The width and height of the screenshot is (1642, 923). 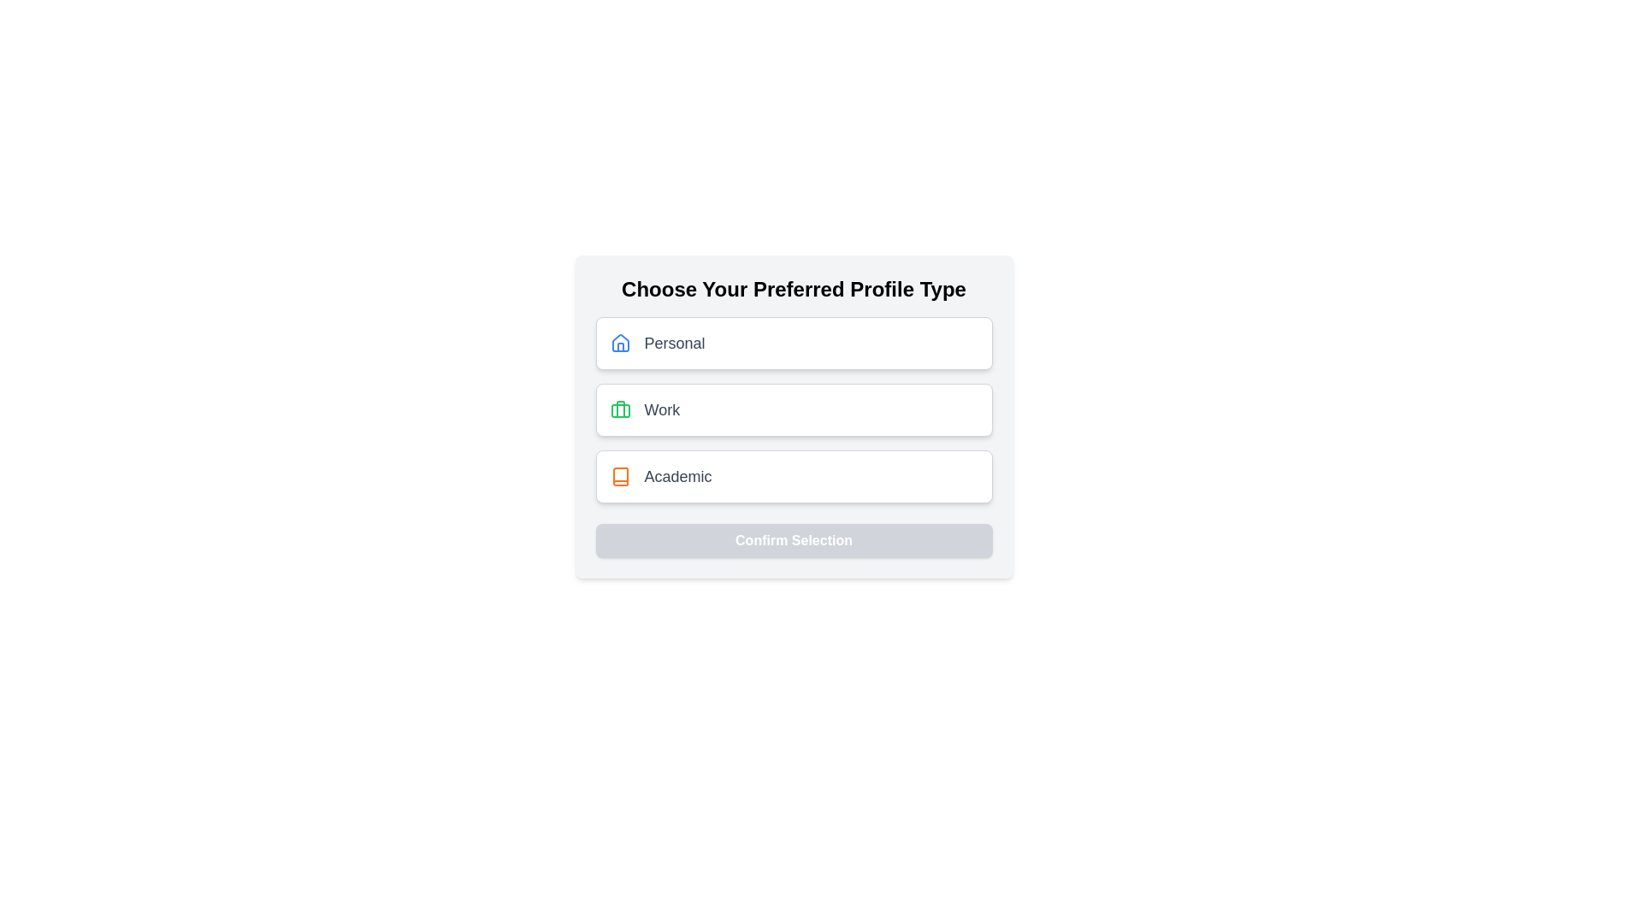 I want to click on the selectable option labeled 'Work' in the profile type list, which is the second option below 'Personal' and above 'Academic', so click(x=793, y=417).